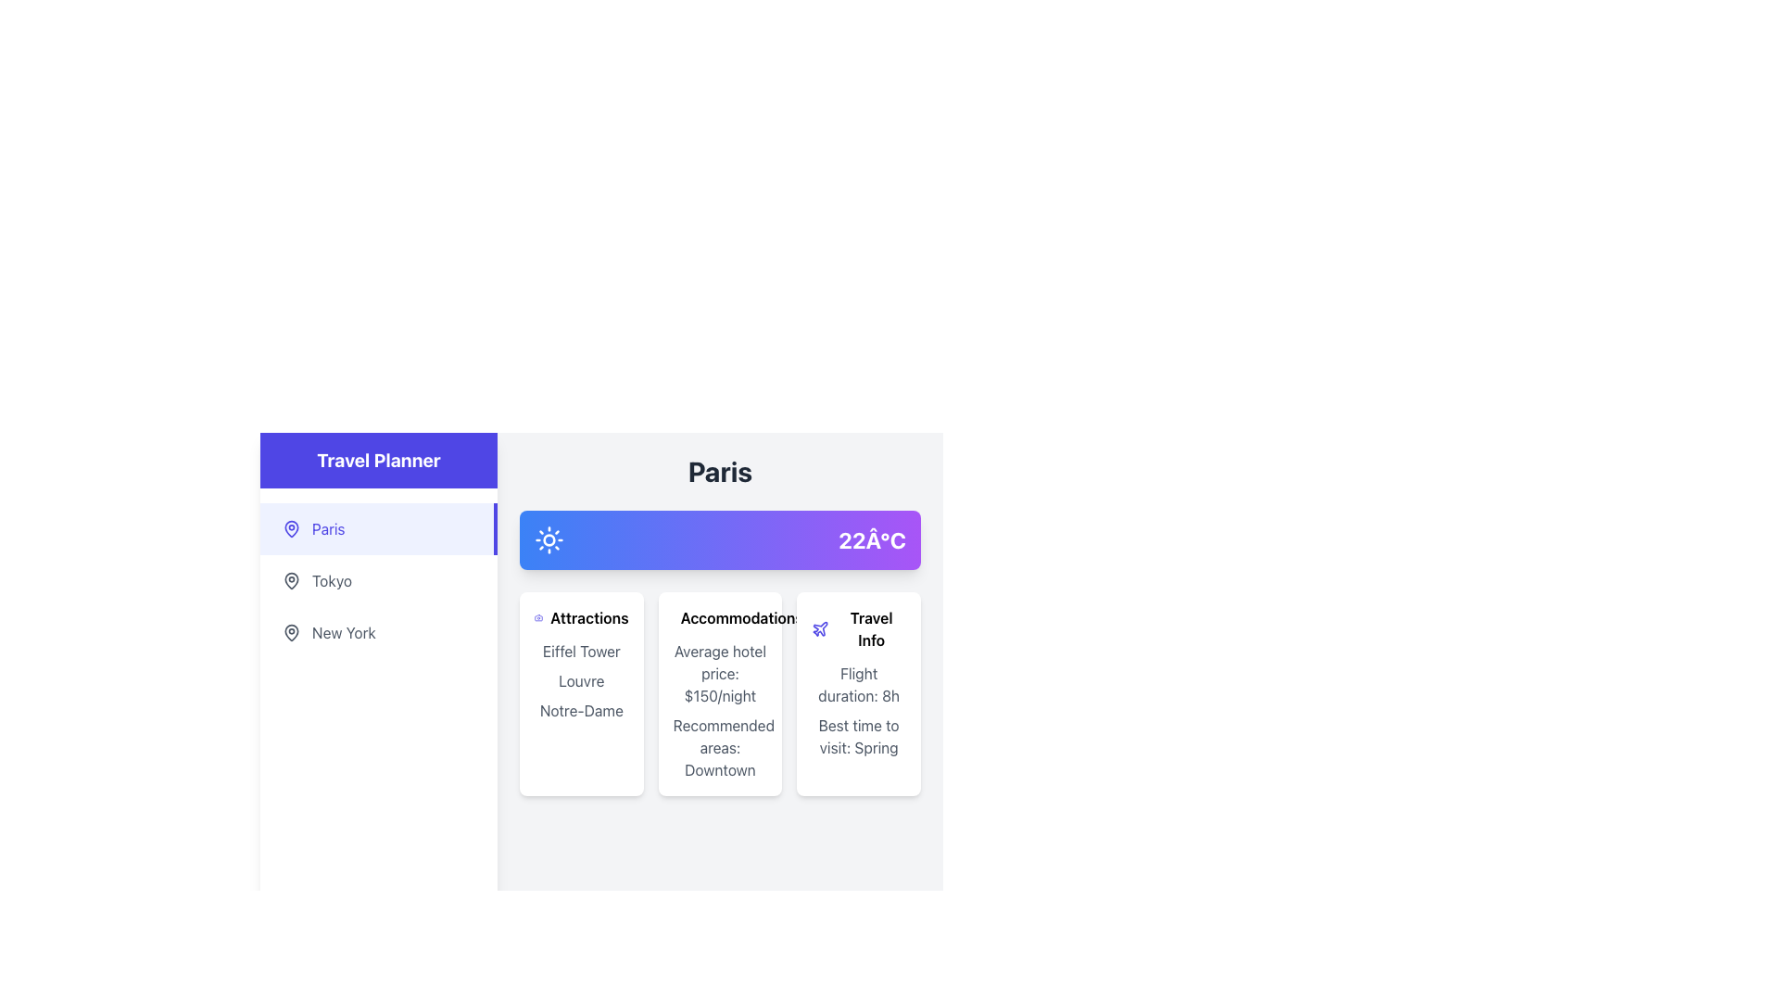  I want to click on the 'Tokyo' text label in the interactive list under the 'Travel Planner' section, so click(332, 580).